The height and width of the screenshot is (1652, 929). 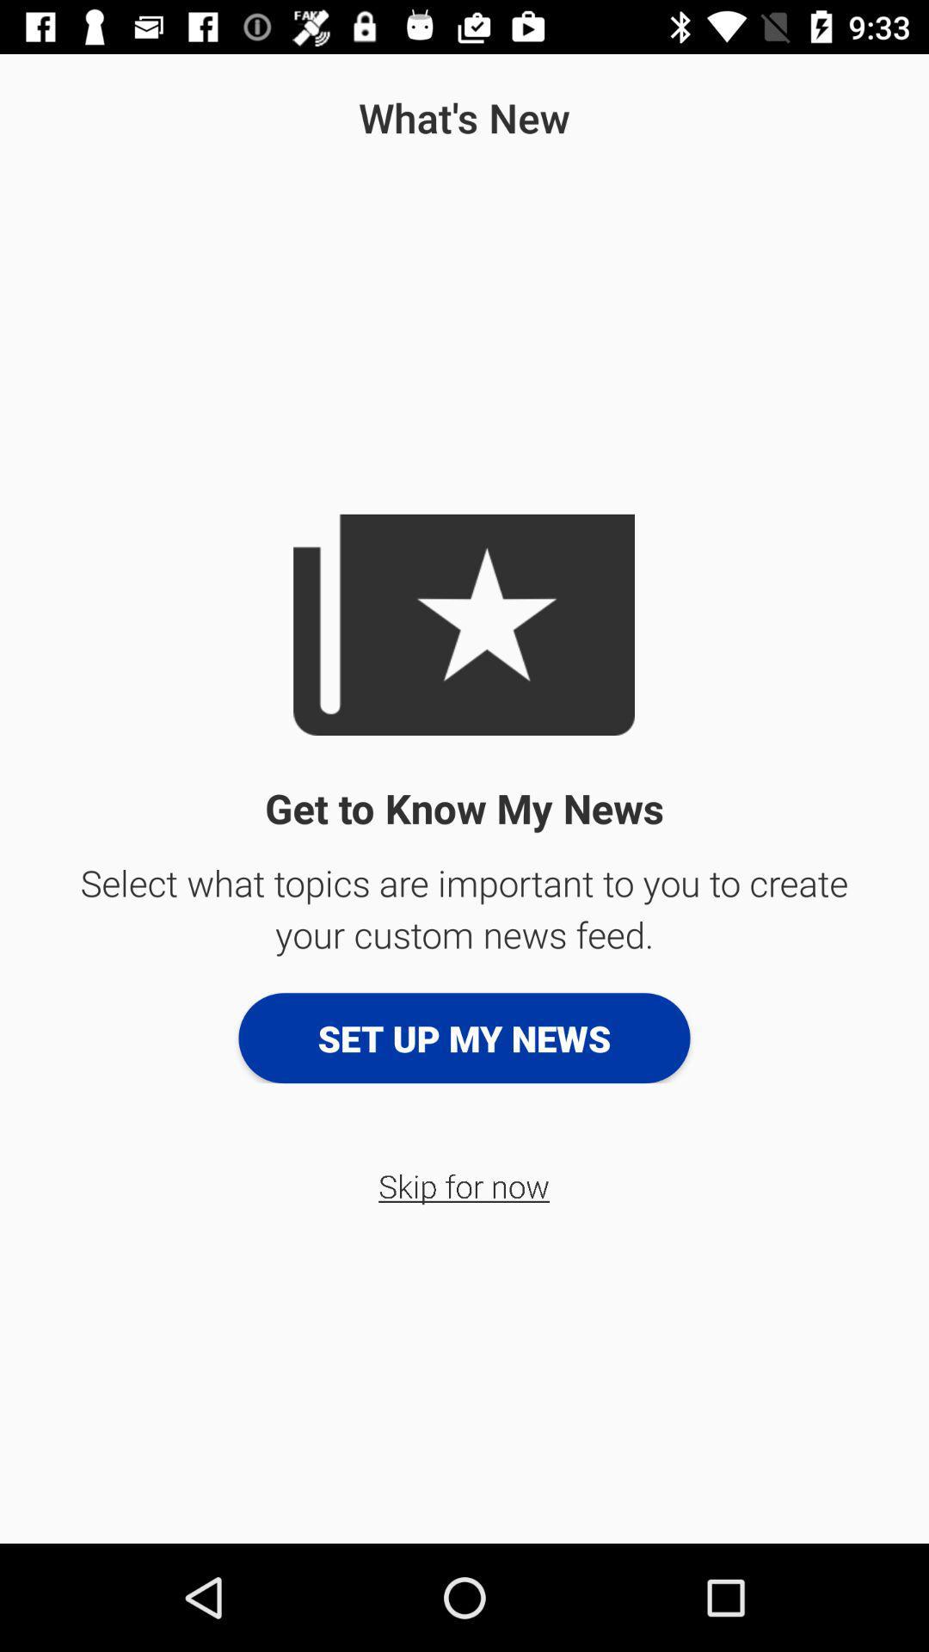 I want to click on app above skip for now item, so click(x=464, y=1037).